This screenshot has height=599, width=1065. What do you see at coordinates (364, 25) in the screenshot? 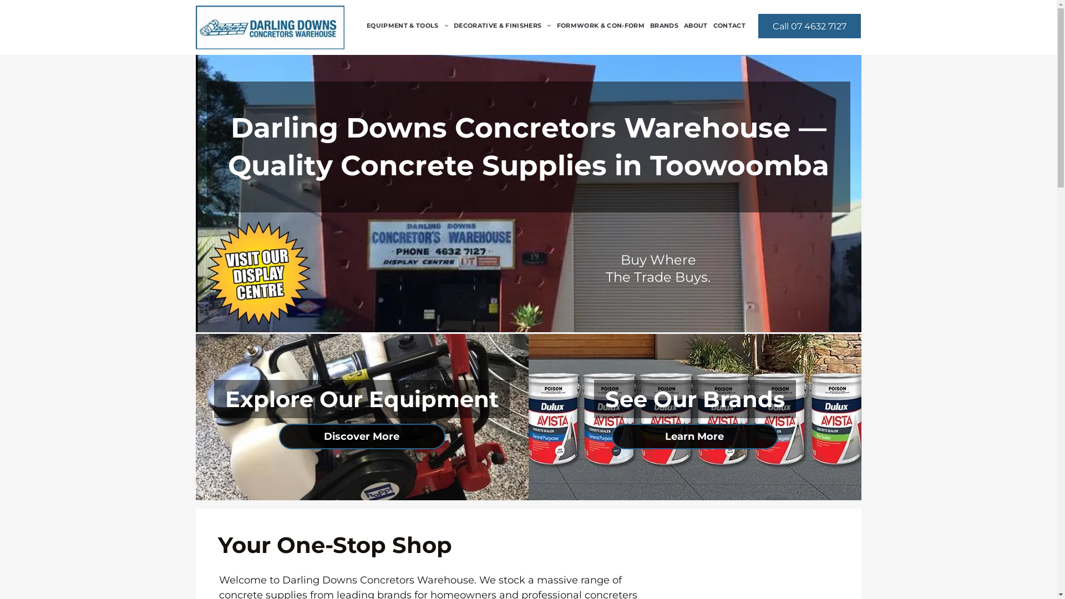
I see `'EQUIPMENT & TOOLS'` at bounding box center [364, 25].